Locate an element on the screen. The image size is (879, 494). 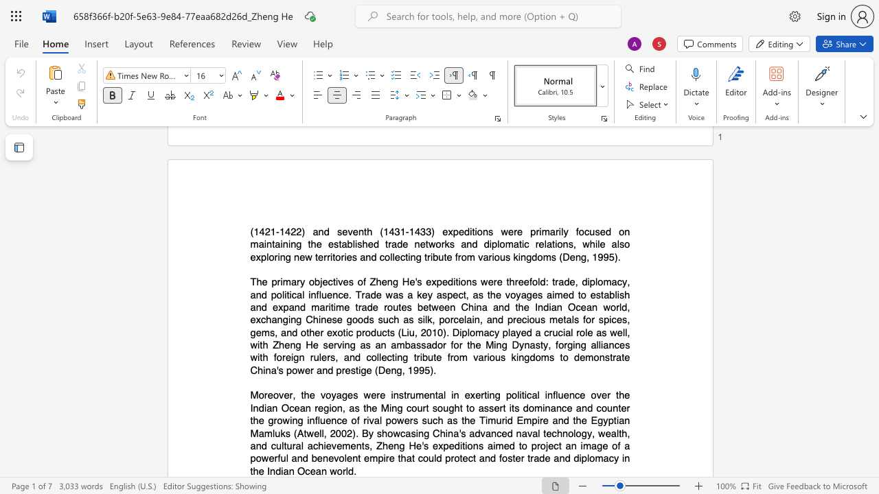
the subset text "aime" within the text "China" is located at coordinates (488, 445).